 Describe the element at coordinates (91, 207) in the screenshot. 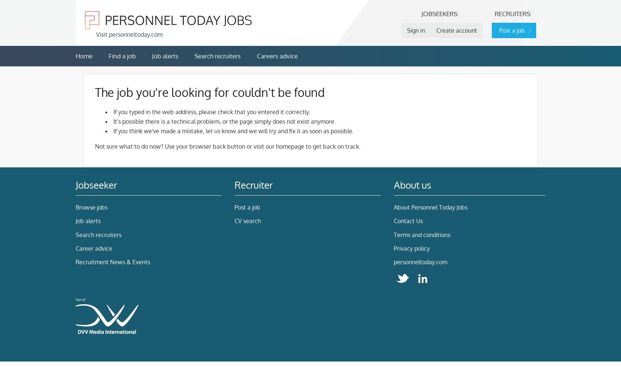

I see `'Browse jobs'` at that location.